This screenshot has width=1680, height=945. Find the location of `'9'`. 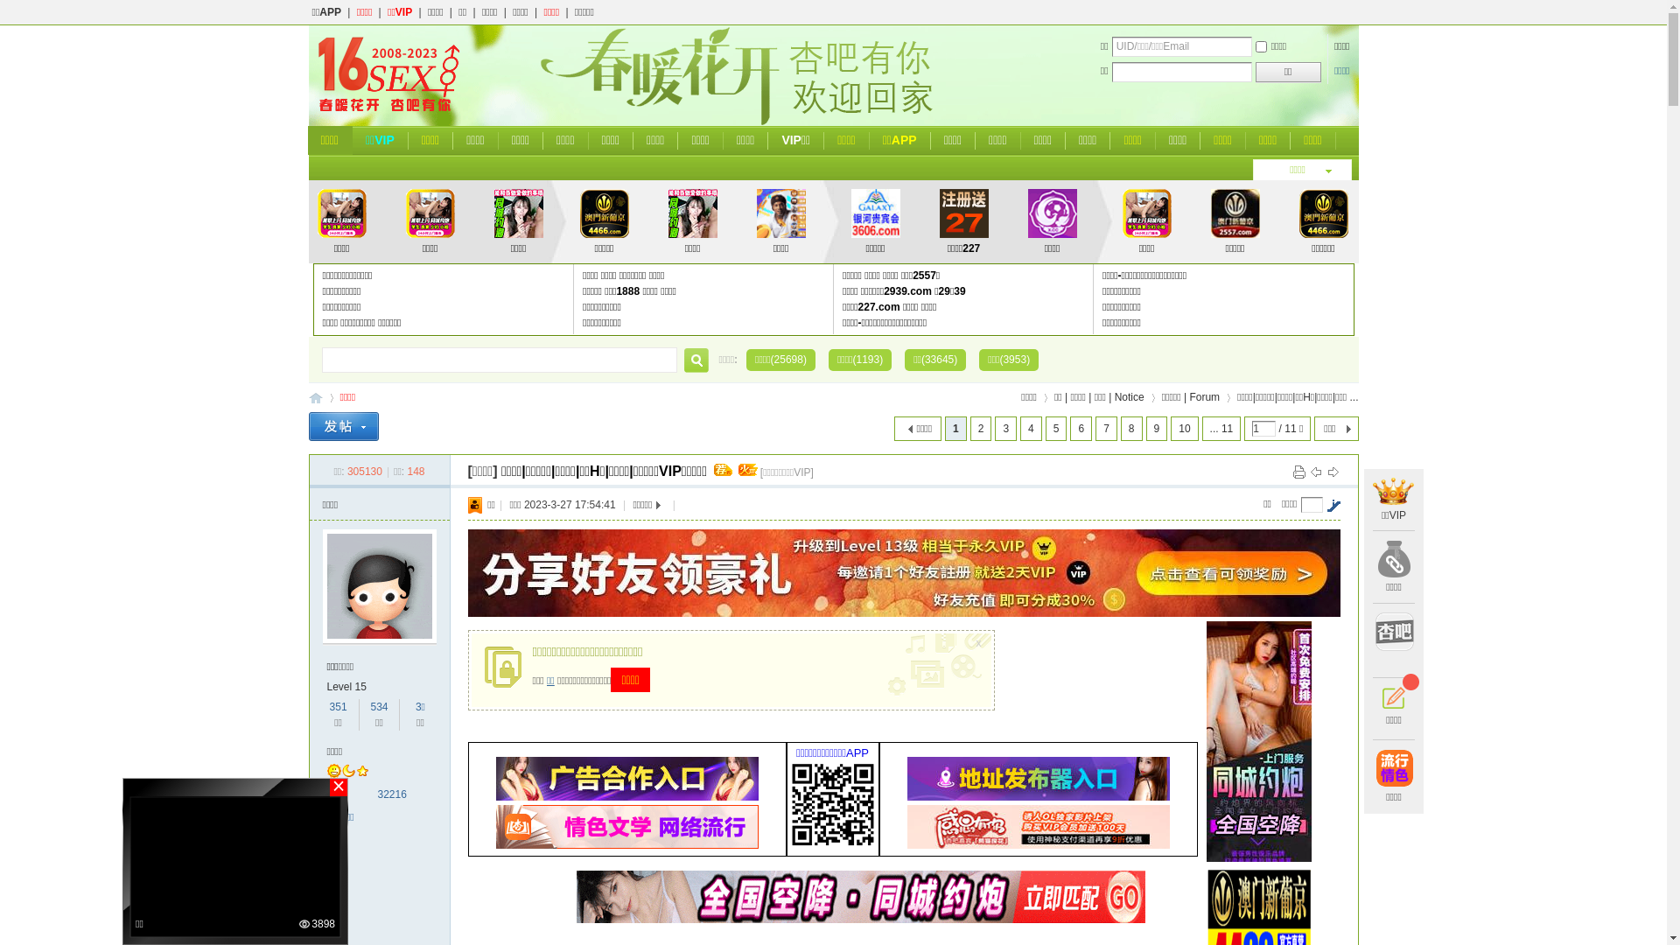

'9' is located at coordinates (1146, 428).